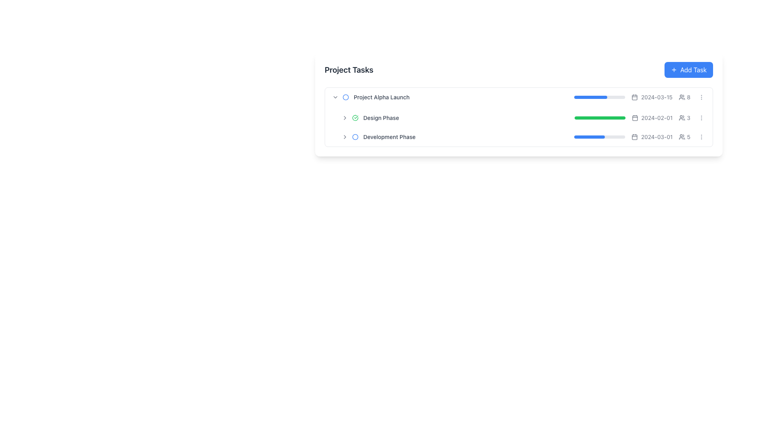 This screenshot has height=429, width=764. What do you see at coordinates (335, 97) in the screenshot?
I see `the Dropdown toggle button, which is a small triangular icon pointing downward located to the left of the 'Project Alpha Launch' text` at bounding box center [335, 97].